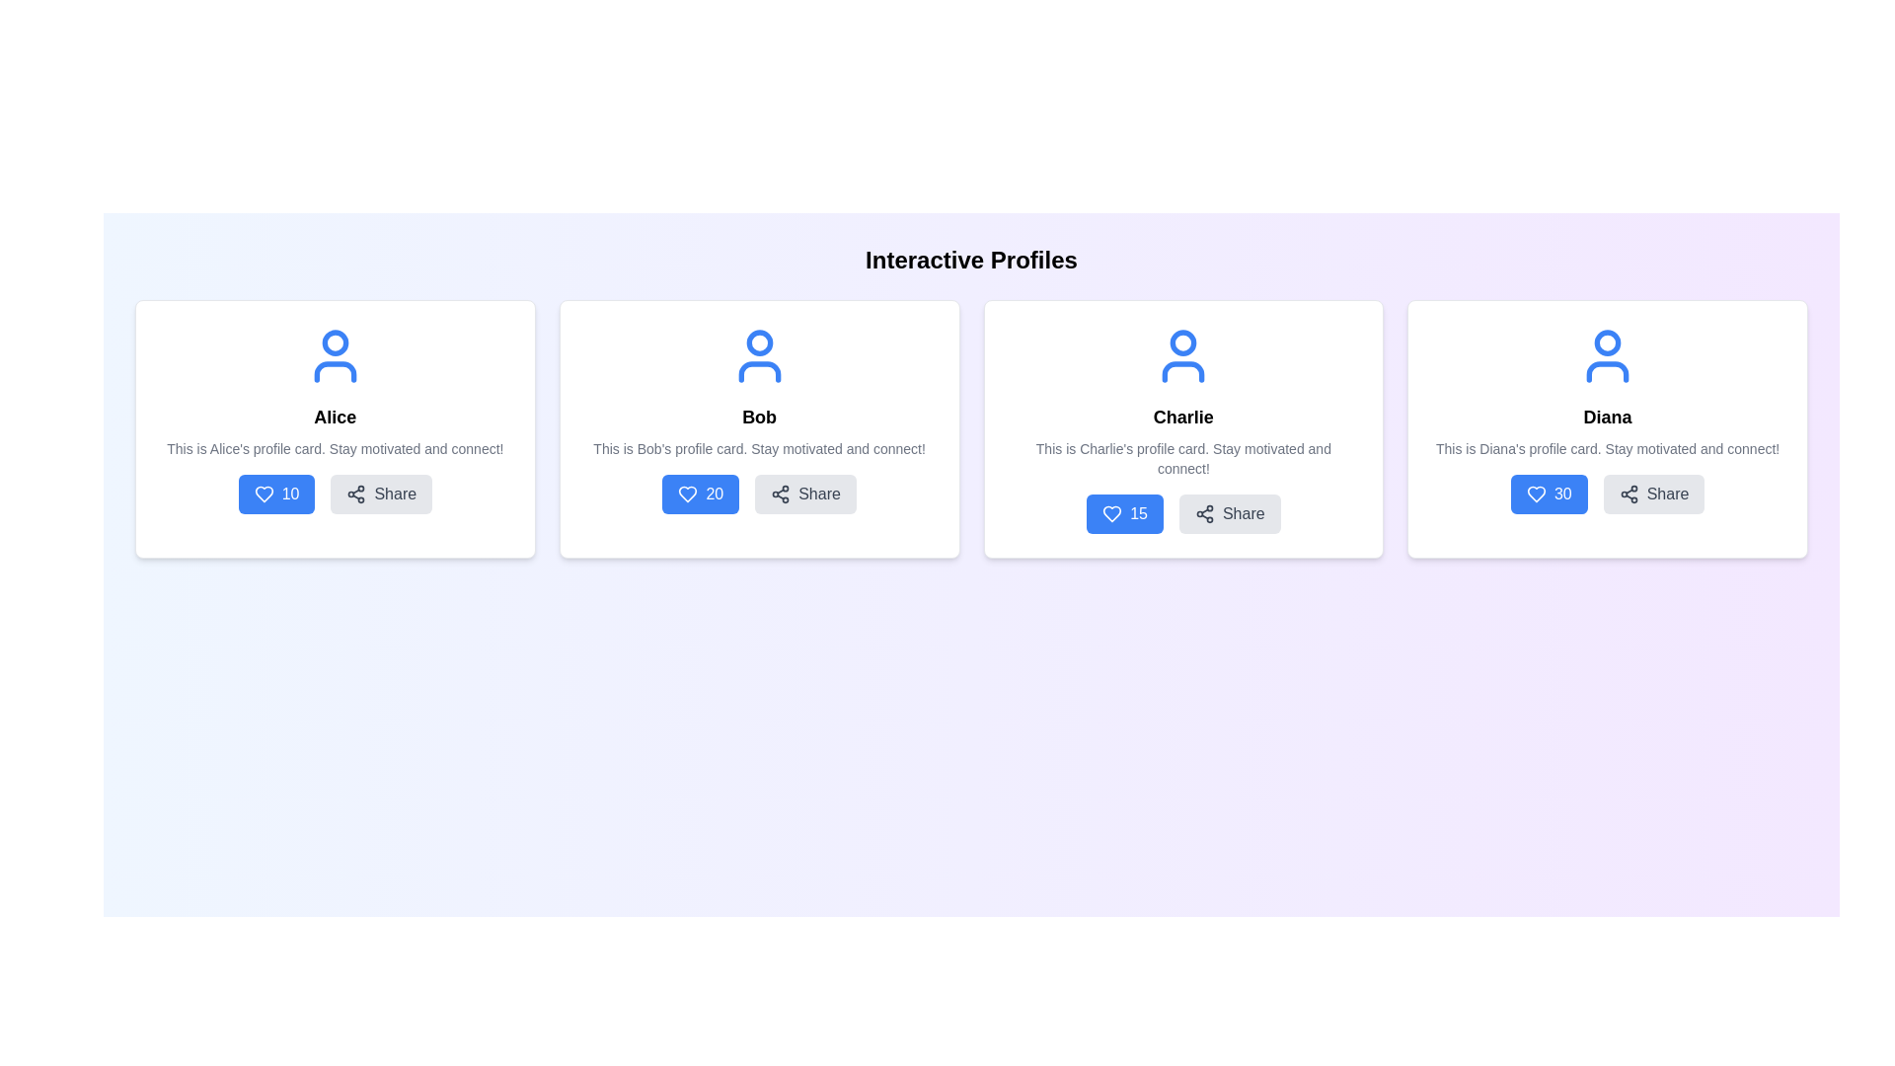  Describe the element at coordinates (335, 356) in the screenshot. I see `the SVG icon representing a user, which is prominently blue and located at the top of Alice's profile card, centered above the text 'Alice'` at that location.